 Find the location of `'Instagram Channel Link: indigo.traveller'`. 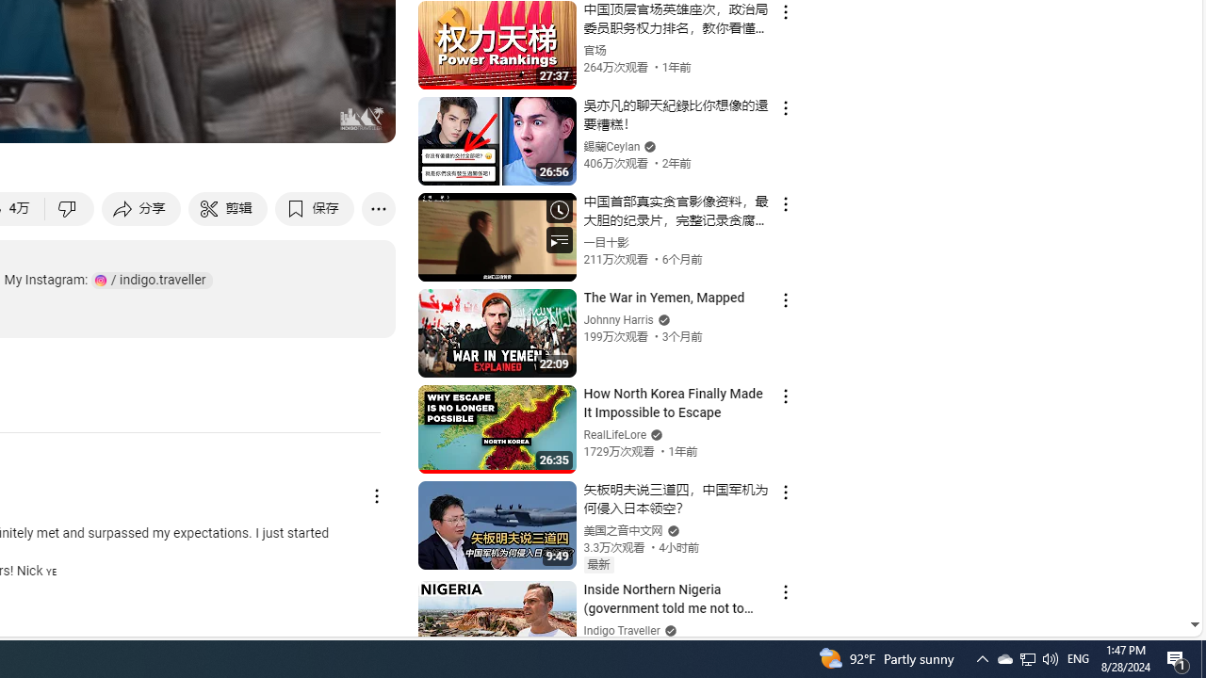

'Instagram Channel Link: indigo.traveller' is located at coordinates (152, 280).